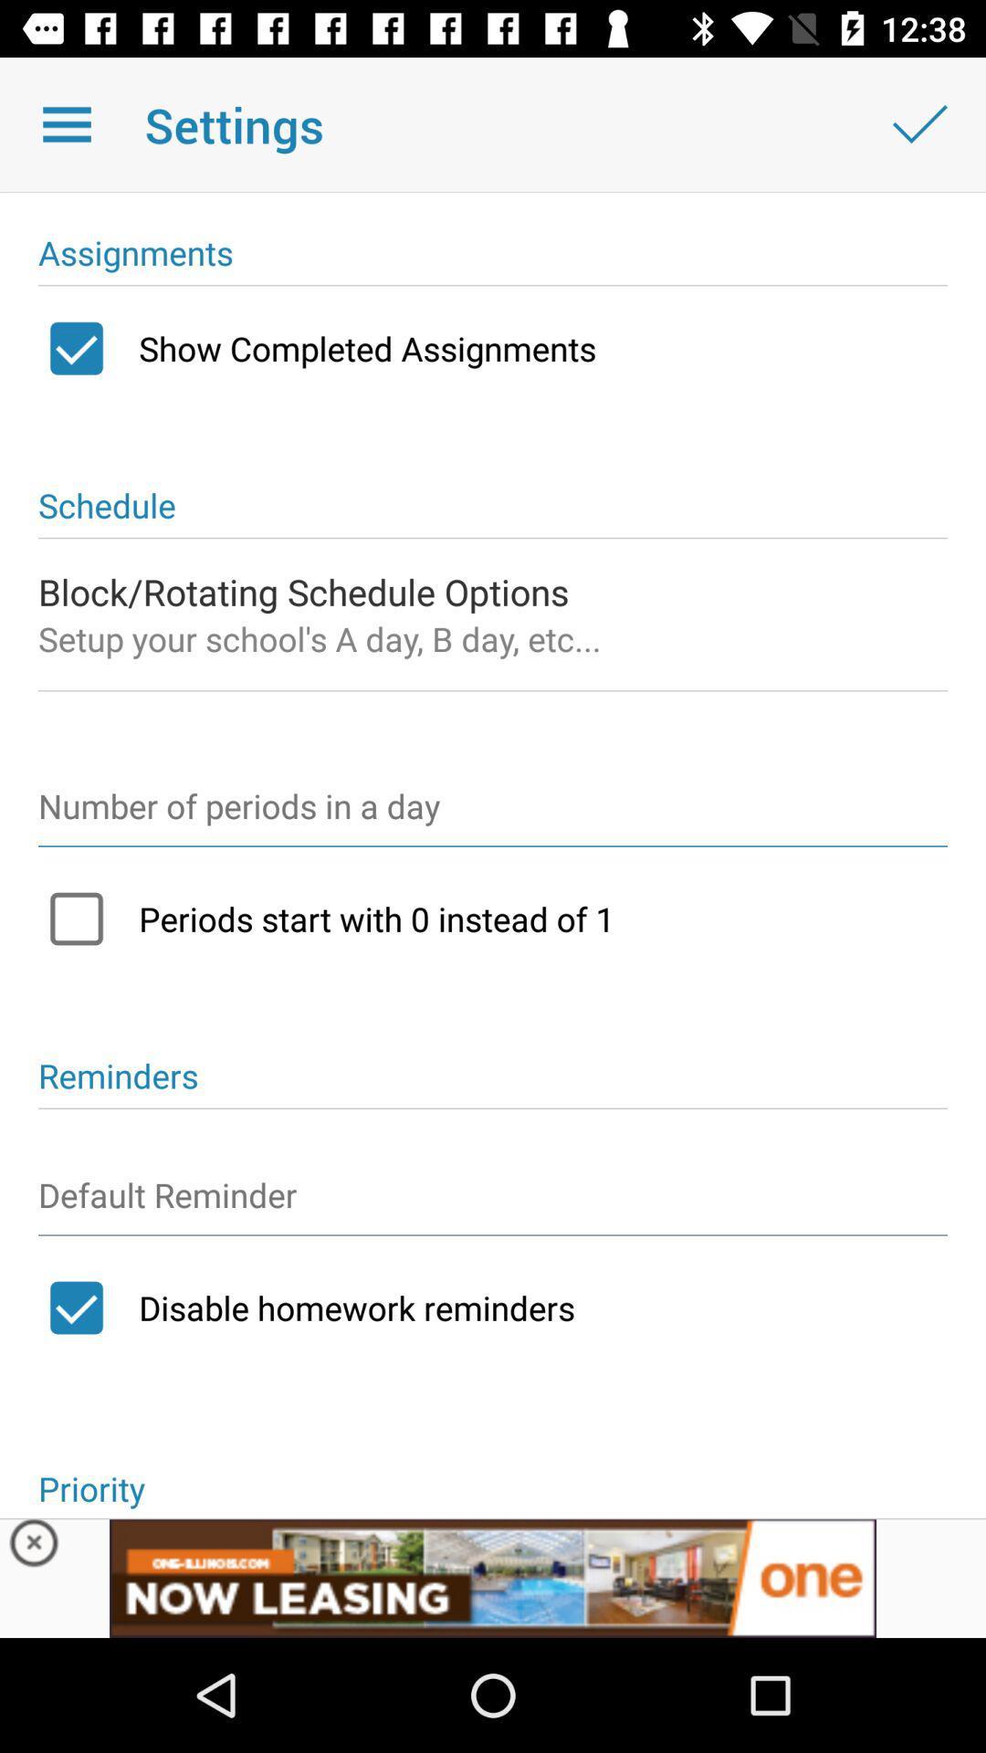  I want to click on menu page, so click(66, 123).